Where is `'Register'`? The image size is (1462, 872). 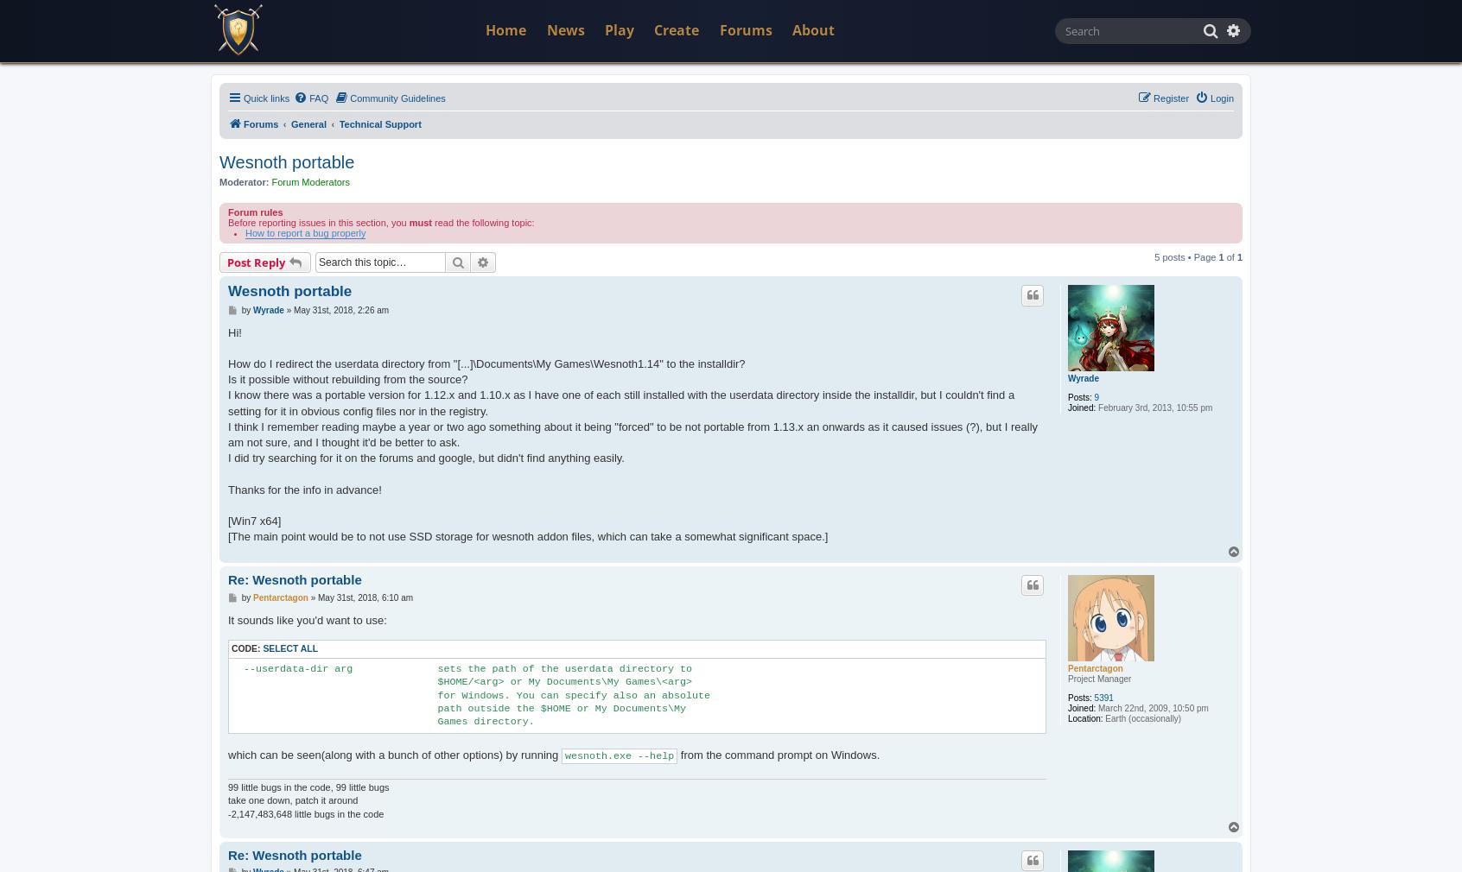
'Register' is located at coordinates (1171, 97).